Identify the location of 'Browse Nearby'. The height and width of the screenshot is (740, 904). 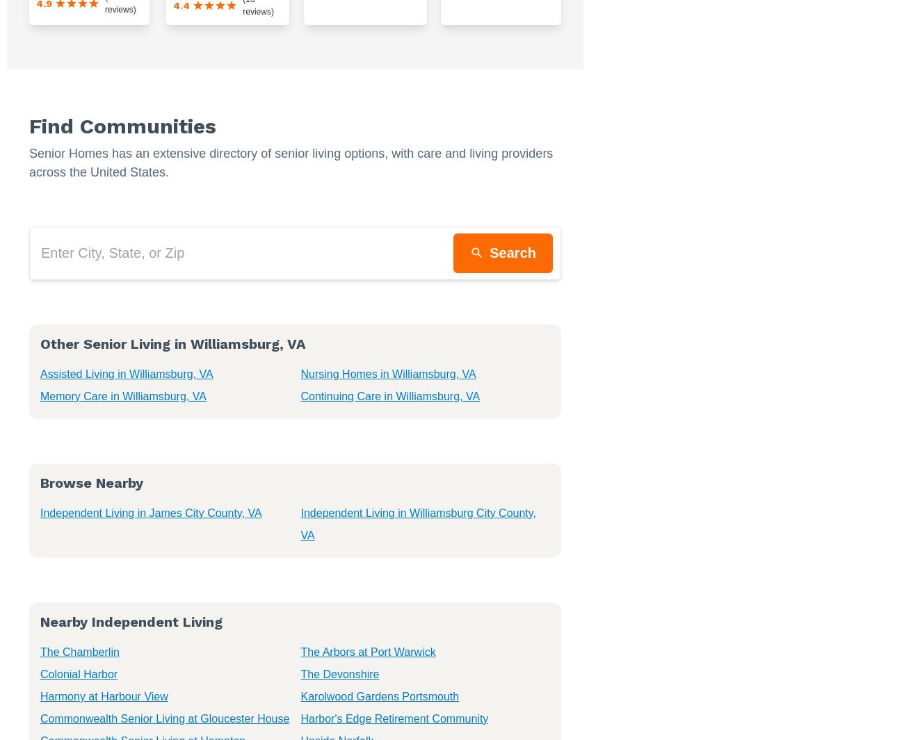
(40, 482).